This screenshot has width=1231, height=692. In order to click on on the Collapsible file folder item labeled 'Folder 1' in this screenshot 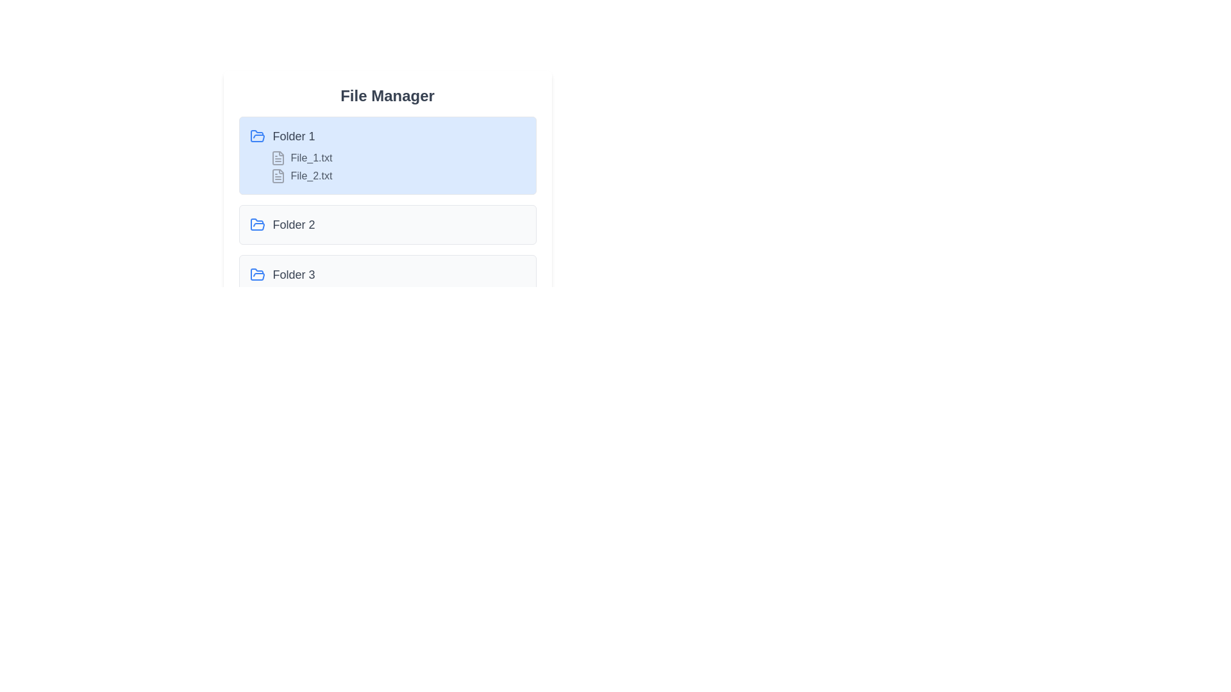, I will do `click(387, 155)`.